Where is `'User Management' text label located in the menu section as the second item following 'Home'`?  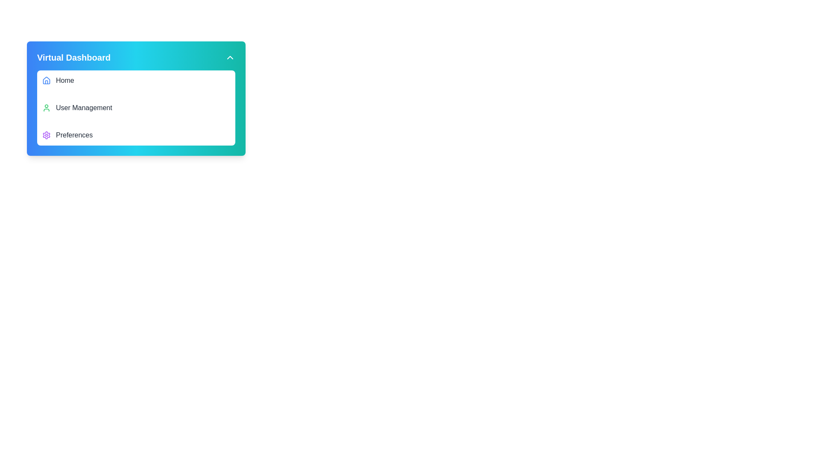 'User Management' text label located in the menu section as the second item following 'Home' is located at coordinates (84, 108).